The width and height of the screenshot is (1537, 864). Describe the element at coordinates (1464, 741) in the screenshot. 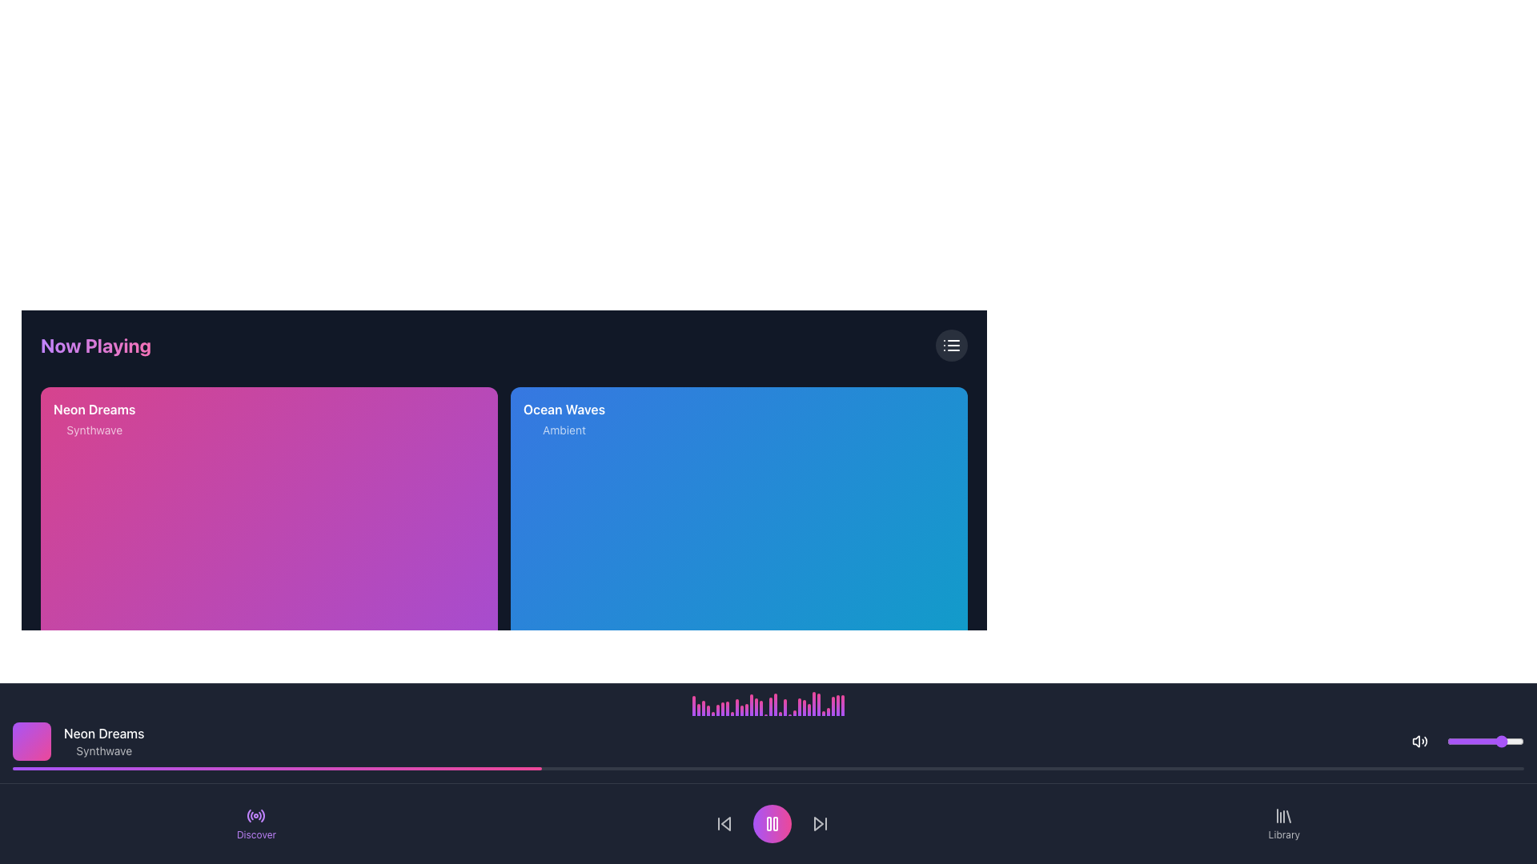

I see `the volume` at that location.